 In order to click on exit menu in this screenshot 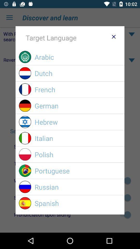, I will do `click(113, 36)`.